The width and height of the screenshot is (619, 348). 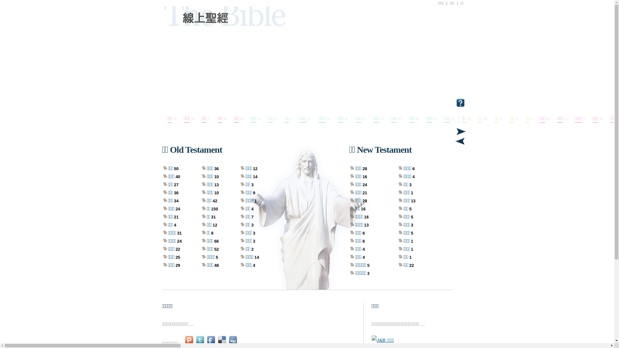 I want to click on 'Plurk', so click(x=189, y=343).